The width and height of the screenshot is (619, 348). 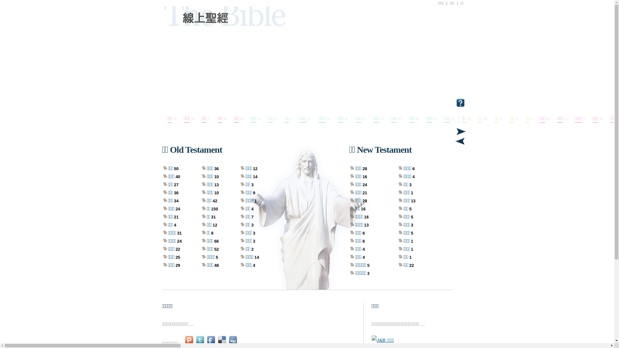 I want to click on 'Plurk', so click(x=189, y=343).